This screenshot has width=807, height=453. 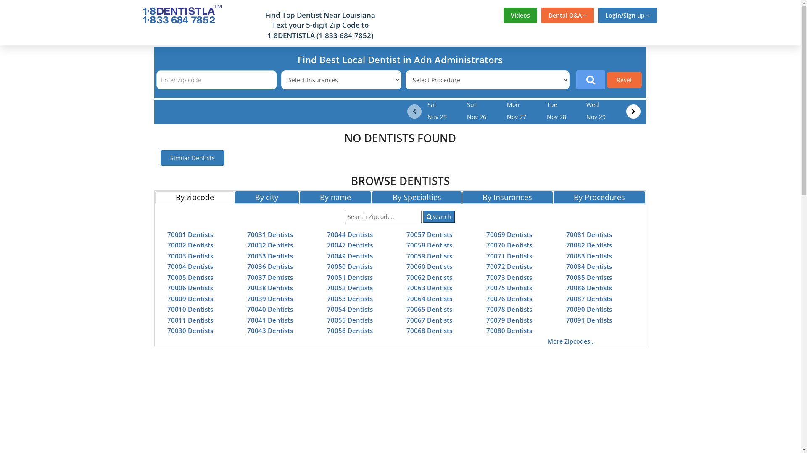 What do you see at coordinates (588, 255) in the screenshot?
I see `'70083 Dentists'` at bounding box center [588, 255].